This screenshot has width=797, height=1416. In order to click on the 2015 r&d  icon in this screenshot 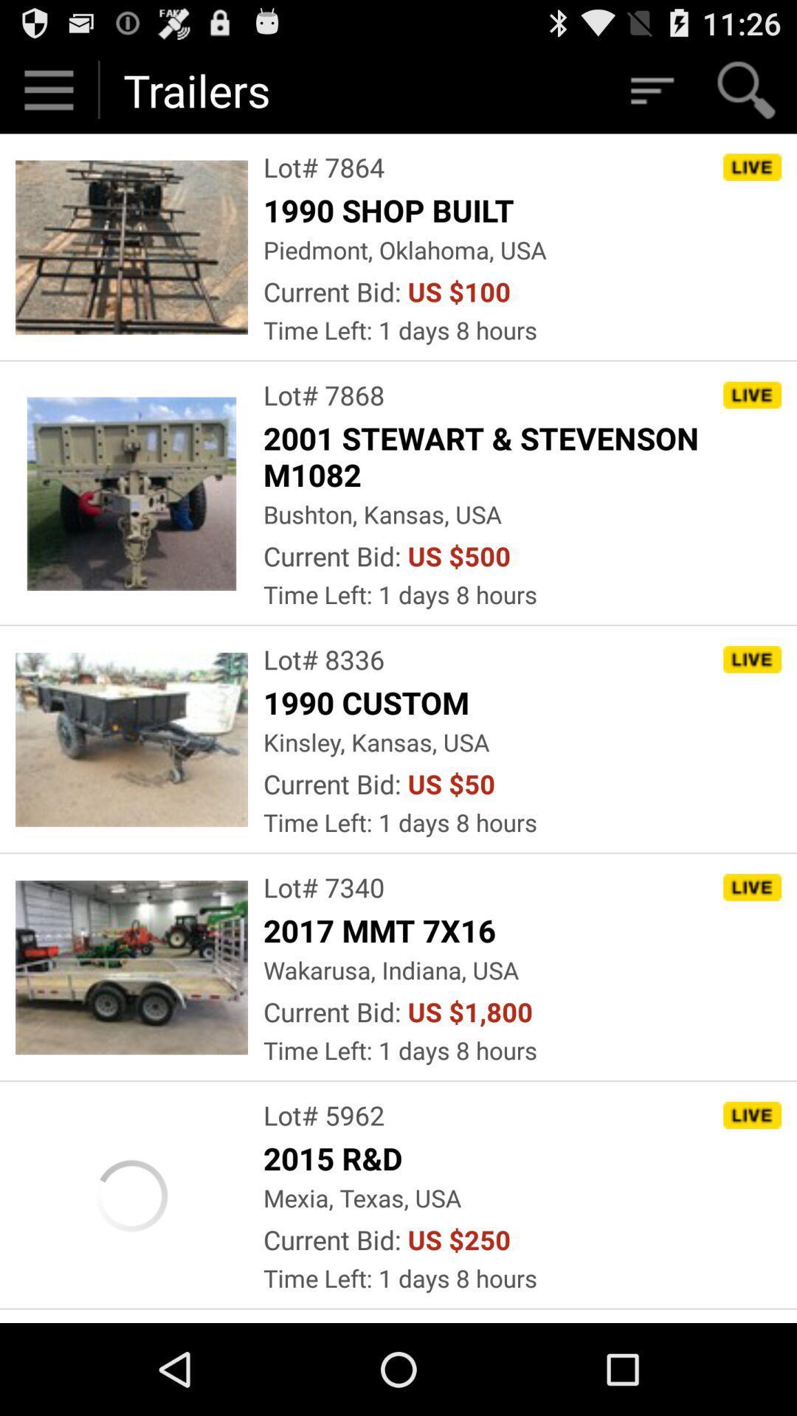, I will do `click(337, 1157)`.